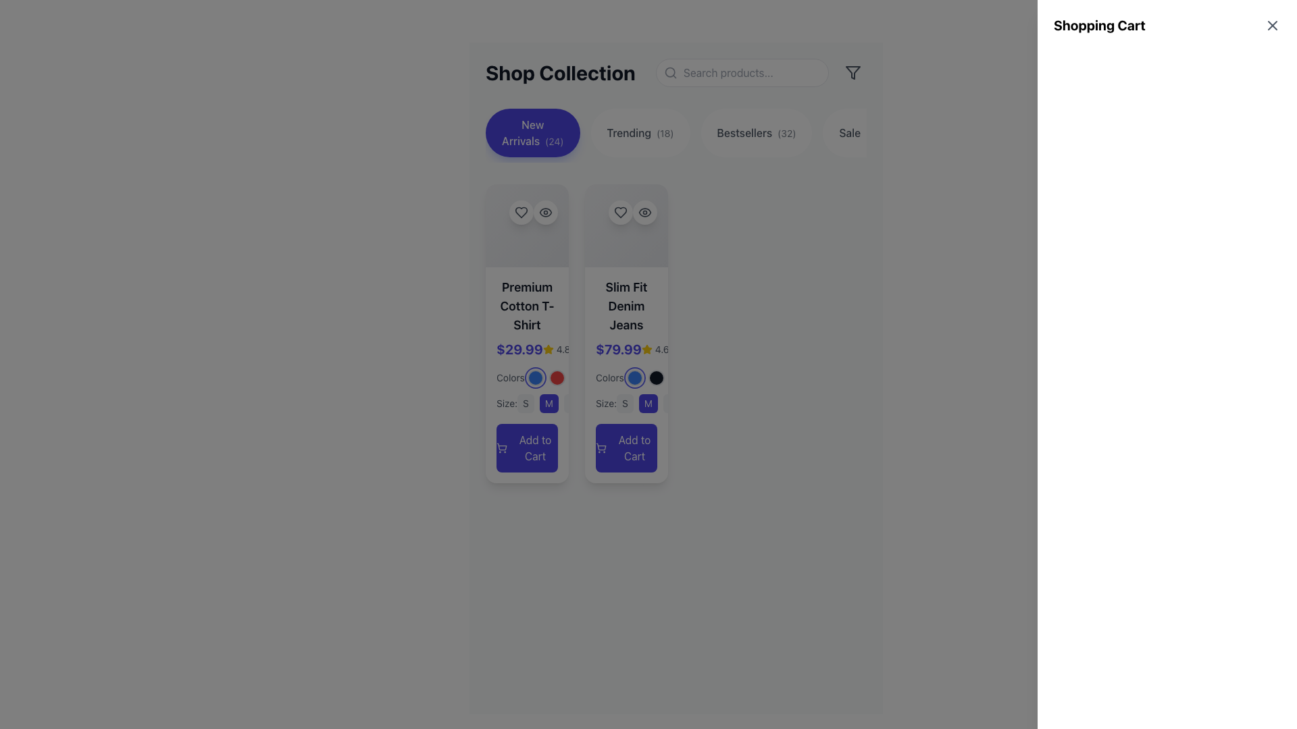  I want to click on the 'New Arrivals' button located in the navigation group beneath the 'Shop Collection' title by, so click(532, 132).